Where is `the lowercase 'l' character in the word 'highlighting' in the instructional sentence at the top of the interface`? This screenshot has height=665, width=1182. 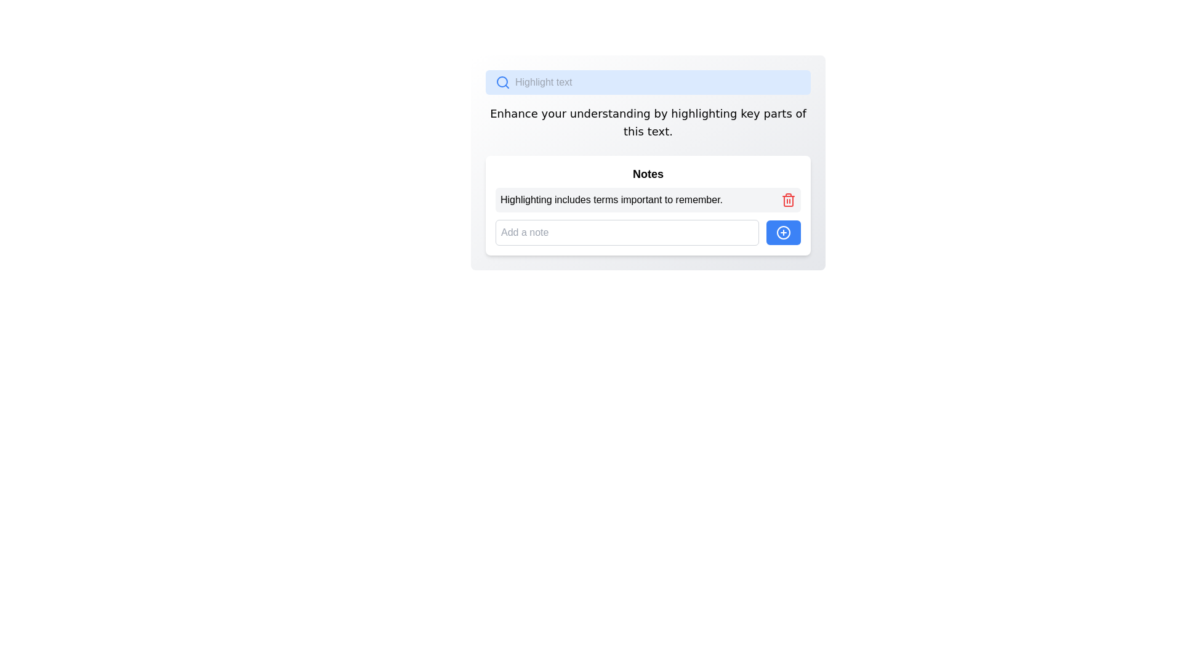 the lowercase 'l' character in the word 'highlighting' in the instructional sentence at the top of the interface is located at coordinates (697, 113).